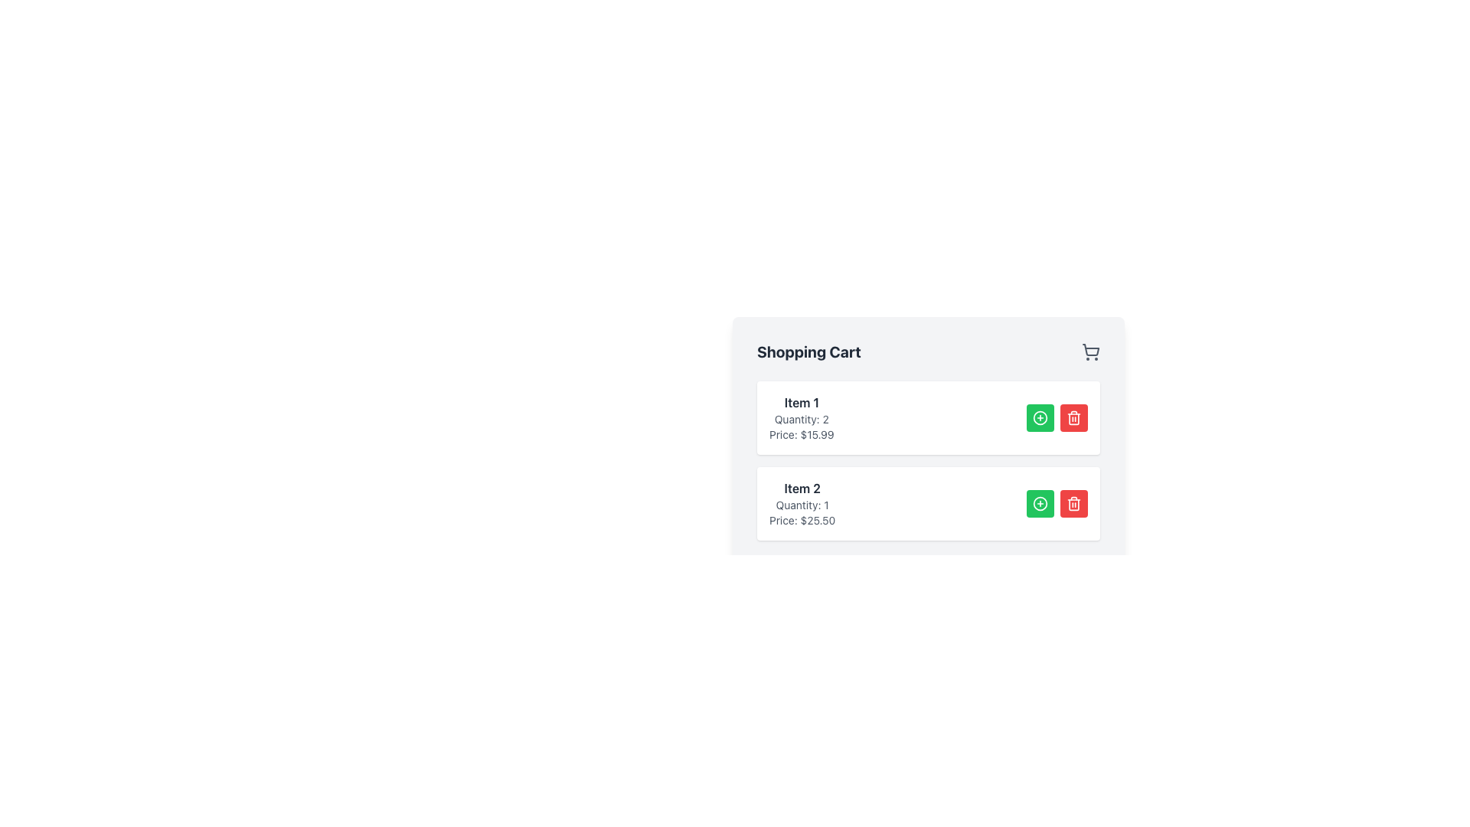 The height and width of the screenshot is (827, 1470). Describe the element at coordinates (1073, 419) in the screenshot. I see `the trash can icon for deletion indication, which is part of the delete functionality in the shopping cart interface, located in the second row and second from the right` at that location.